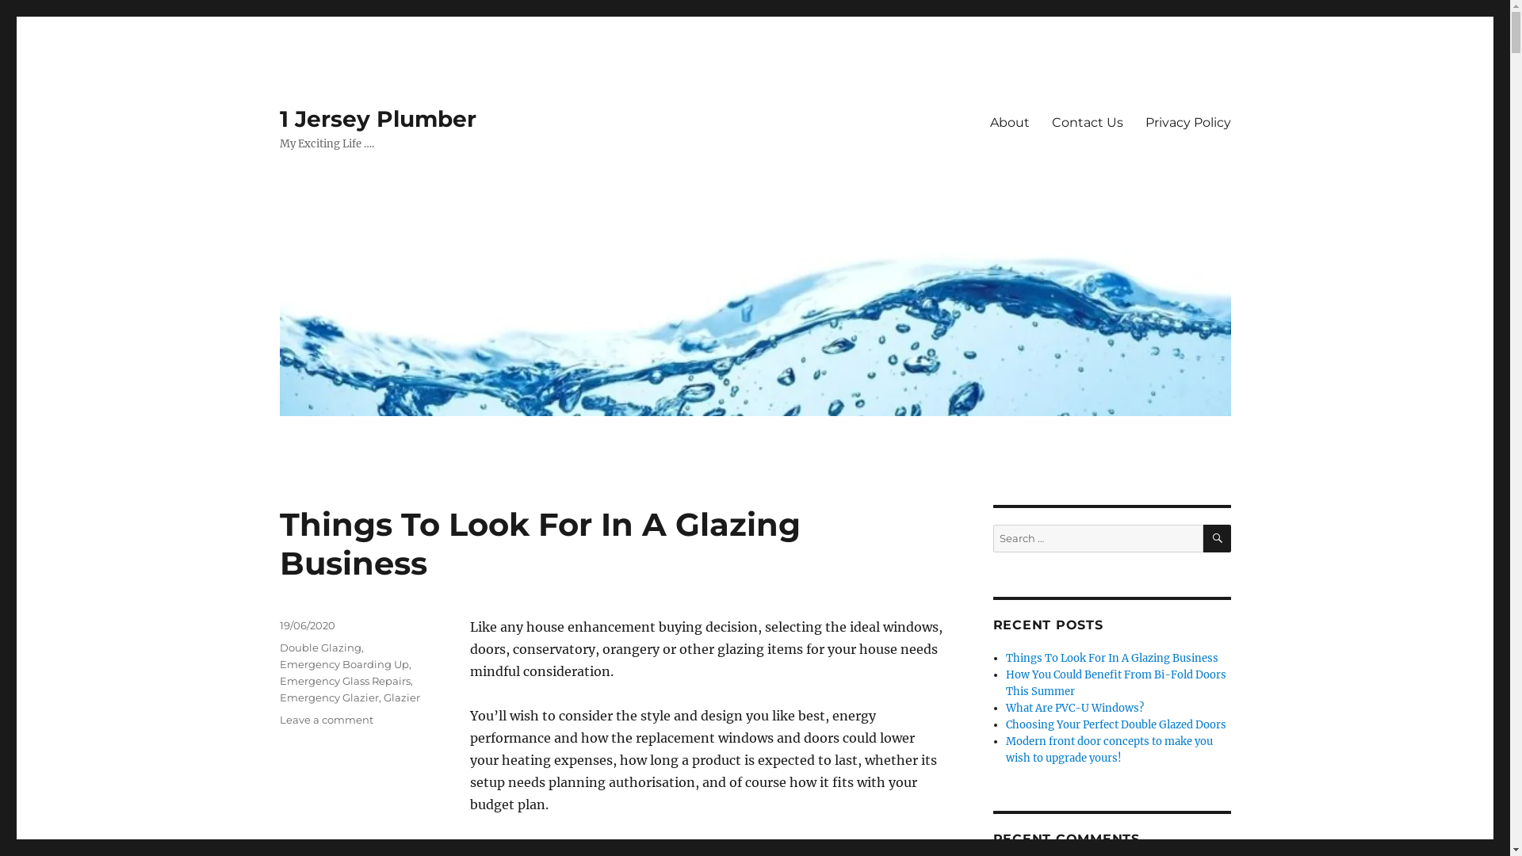 This screenshot has height=856, width=1522. Describe the element at coordinates (1075, 707) in the screenshot. I see `'What Are PVC-U Windows?'` at that location.